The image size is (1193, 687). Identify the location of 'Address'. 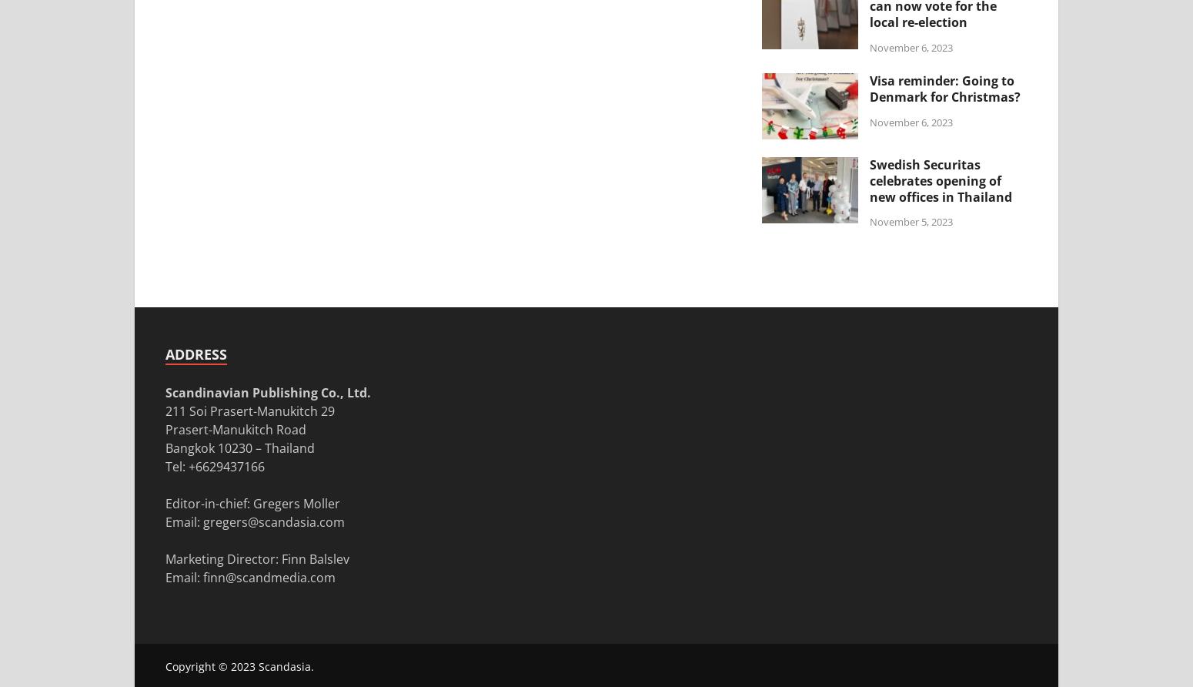
(195, 354).